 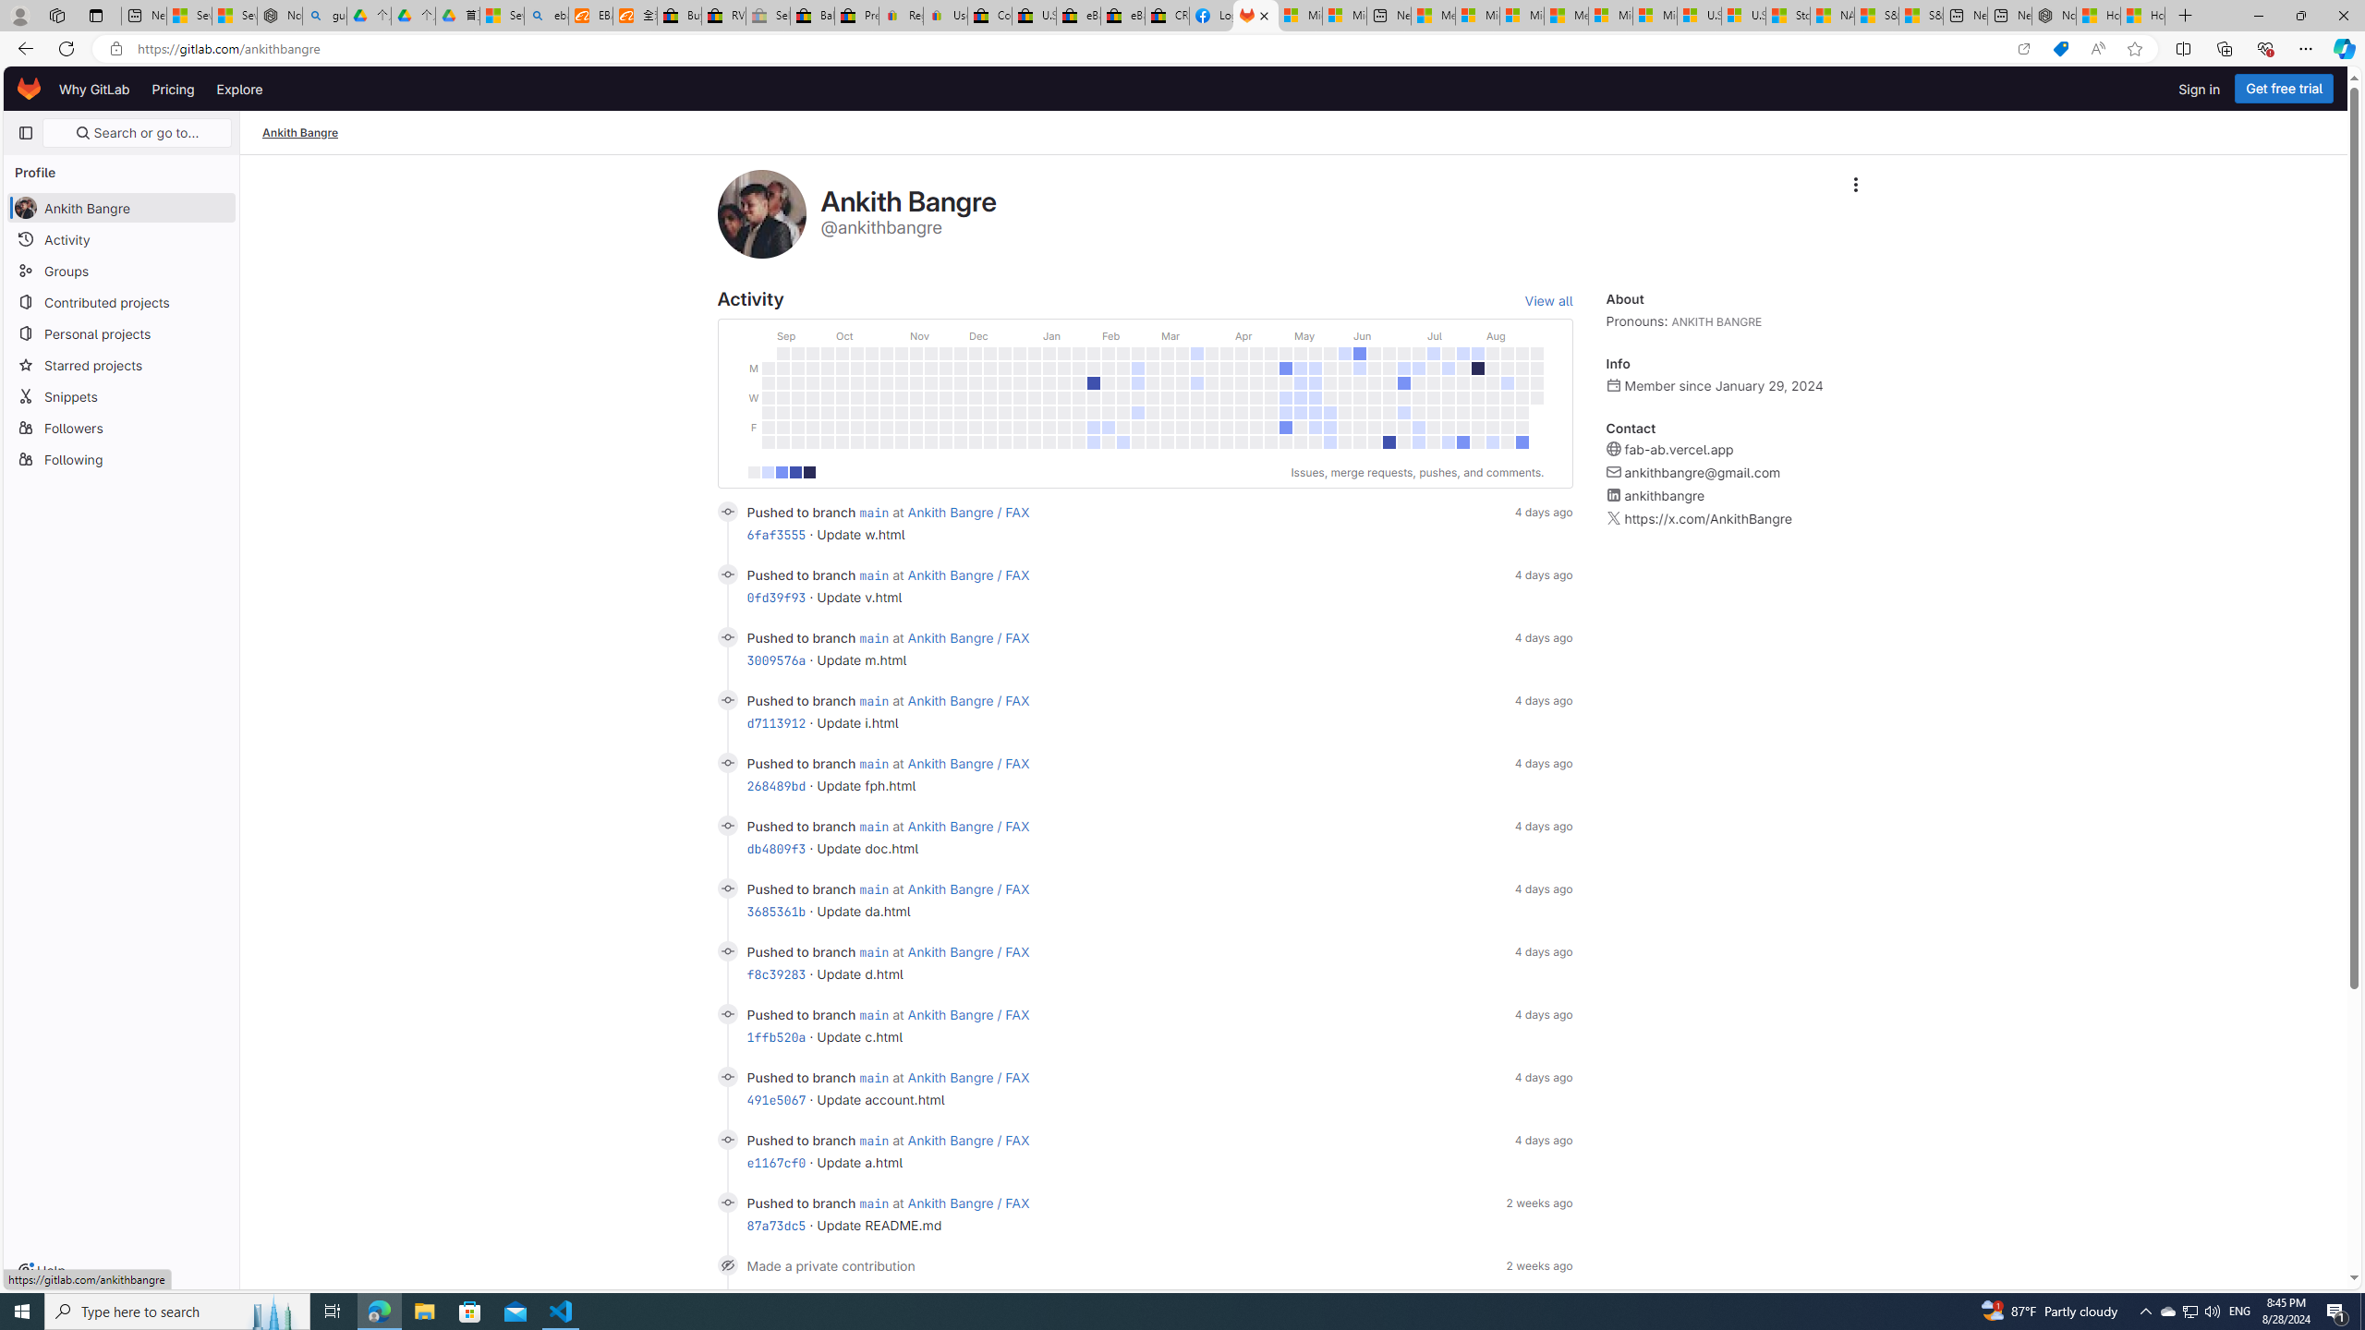 What do you see at coordinates (900, 15) in the screenshot?
I see `'Register: Create a personal eBay account'` at bounding box center [900, 15].